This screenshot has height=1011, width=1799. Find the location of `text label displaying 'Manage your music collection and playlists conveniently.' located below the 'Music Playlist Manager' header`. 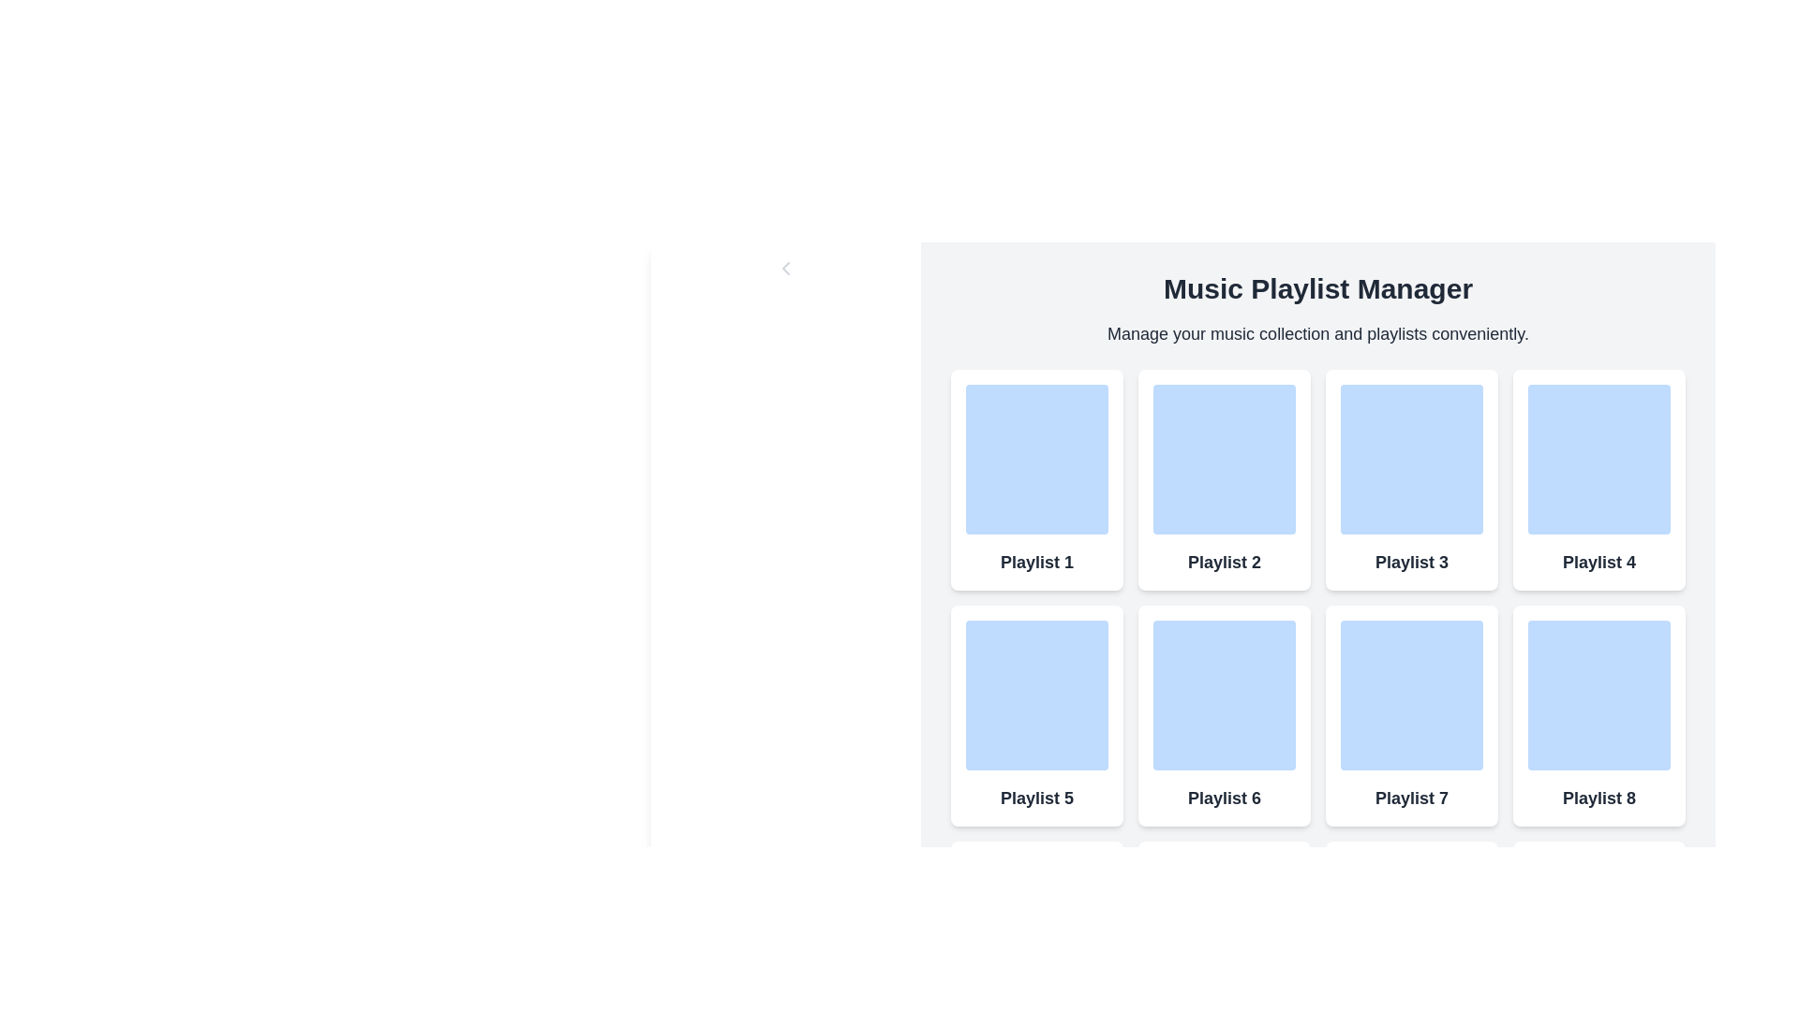

text label displaying 'Manage your music collection and playlists conveniently.' located below the 'Music Playlist Manager' header is located at coordinates (1316, 333).